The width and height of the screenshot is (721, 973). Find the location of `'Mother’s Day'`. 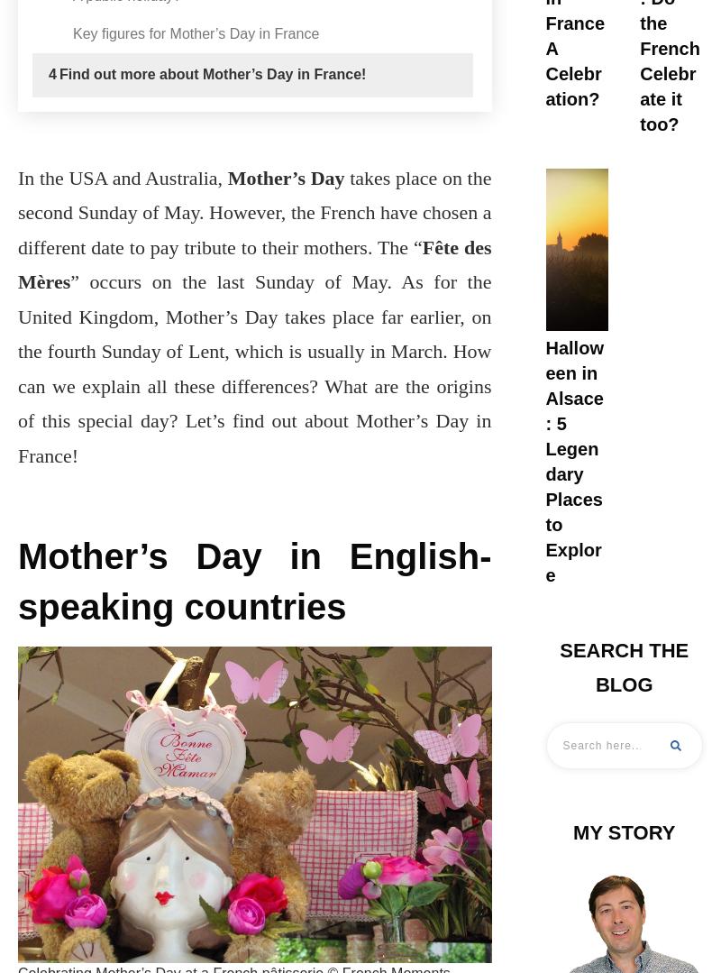

'Mother’s Day' is located at coordinates (284, 177).